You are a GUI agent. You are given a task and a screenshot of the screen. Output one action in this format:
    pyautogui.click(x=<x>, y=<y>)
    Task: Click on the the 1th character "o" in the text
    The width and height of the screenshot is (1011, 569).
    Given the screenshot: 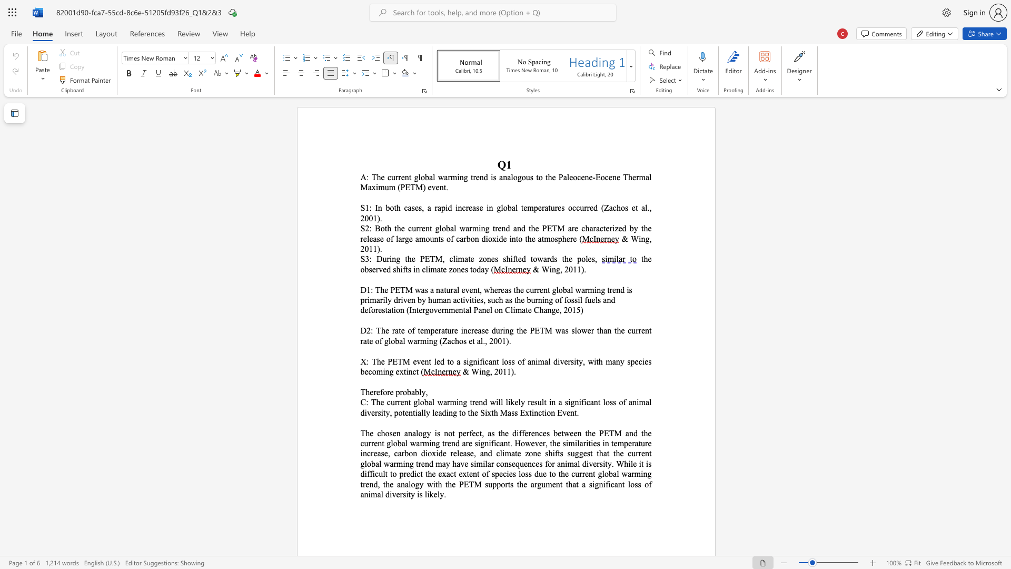 What is the action you would take?
    pyautogui.click(x=484, y=259)
    